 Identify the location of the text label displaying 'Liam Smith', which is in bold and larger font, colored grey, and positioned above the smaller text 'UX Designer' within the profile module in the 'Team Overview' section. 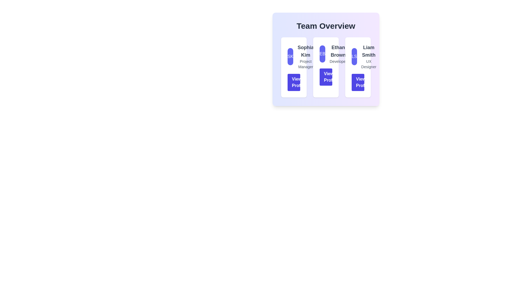
(368, 51).